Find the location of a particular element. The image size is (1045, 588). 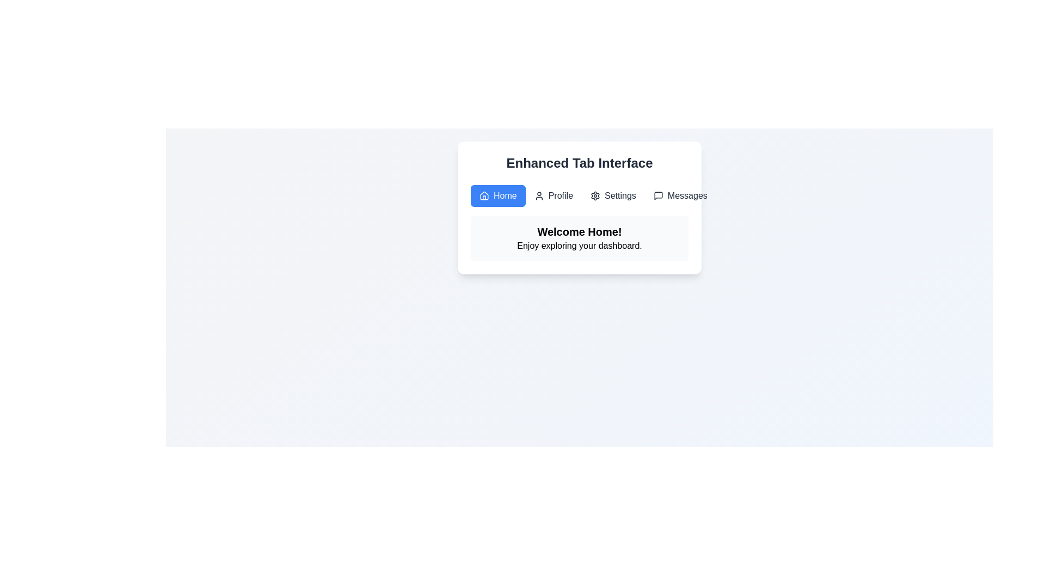

the text display area that presents a welcoming message on the dashboard, located below the tab navigation and centered horizontally is located at coordinates (579, 238).